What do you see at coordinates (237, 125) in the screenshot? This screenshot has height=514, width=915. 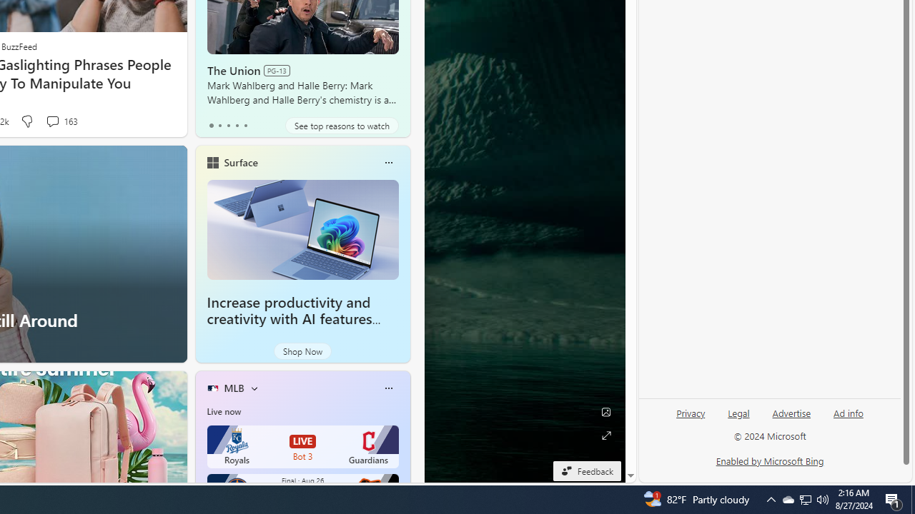 I see `'tab-3'` at bounding box center [237, 125].